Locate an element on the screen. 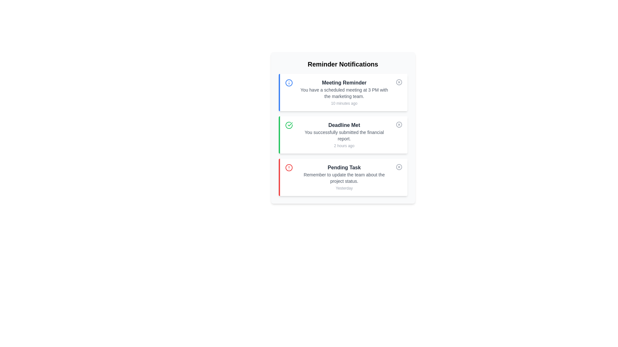 The width and height of the screenshot is (618, 347). static text element that provides details about the 'Pending Task' notification, located in the third notification card at the bottom of the list is located at coordinates (344, 178).